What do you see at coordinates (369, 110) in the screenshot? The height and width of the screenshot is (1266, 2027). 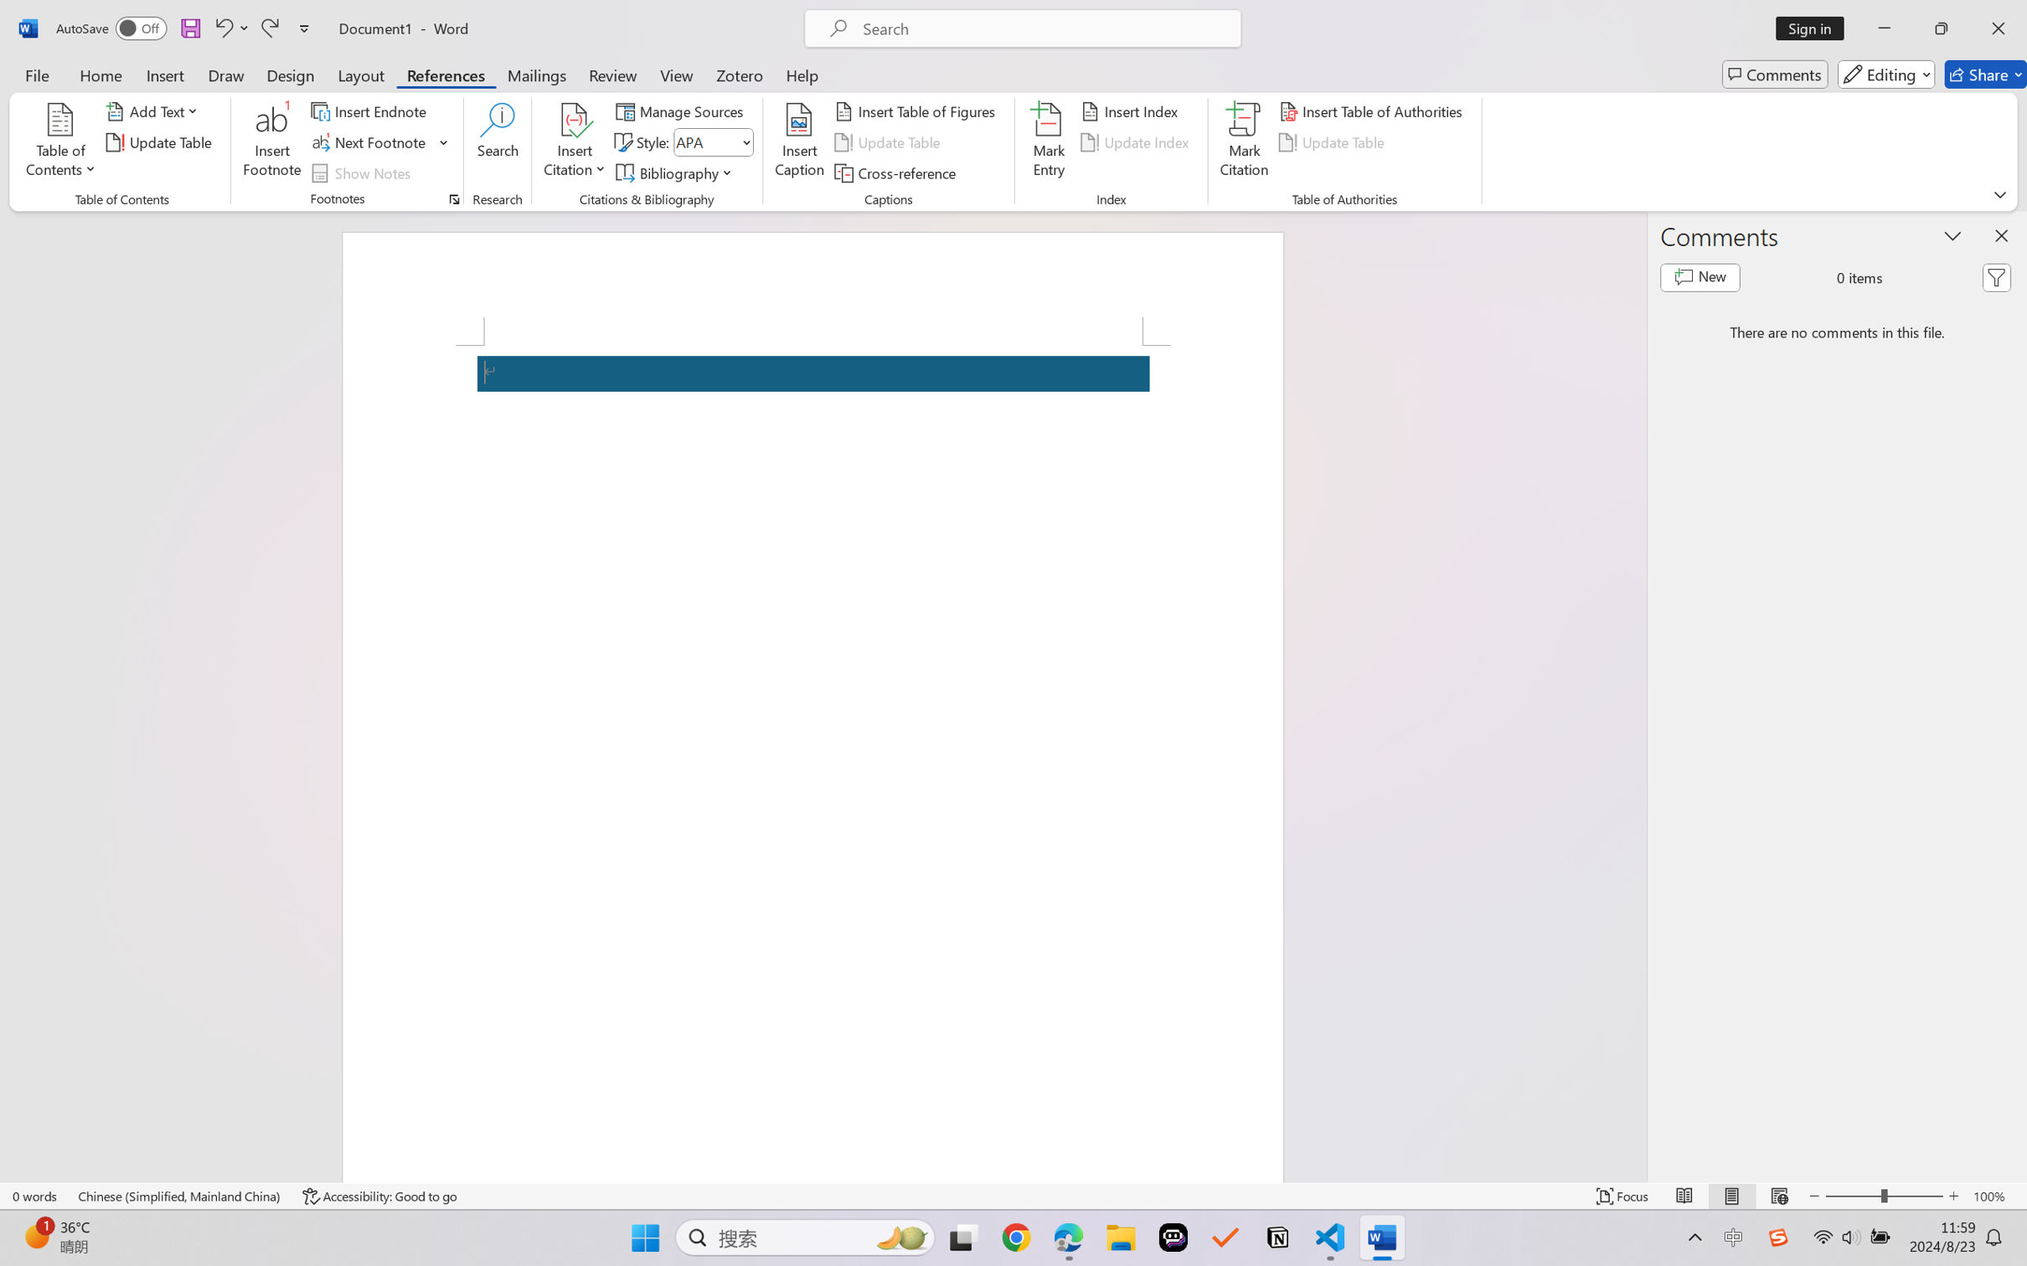 I see `'Insert Endnote'` at bounding box center [369, 110].